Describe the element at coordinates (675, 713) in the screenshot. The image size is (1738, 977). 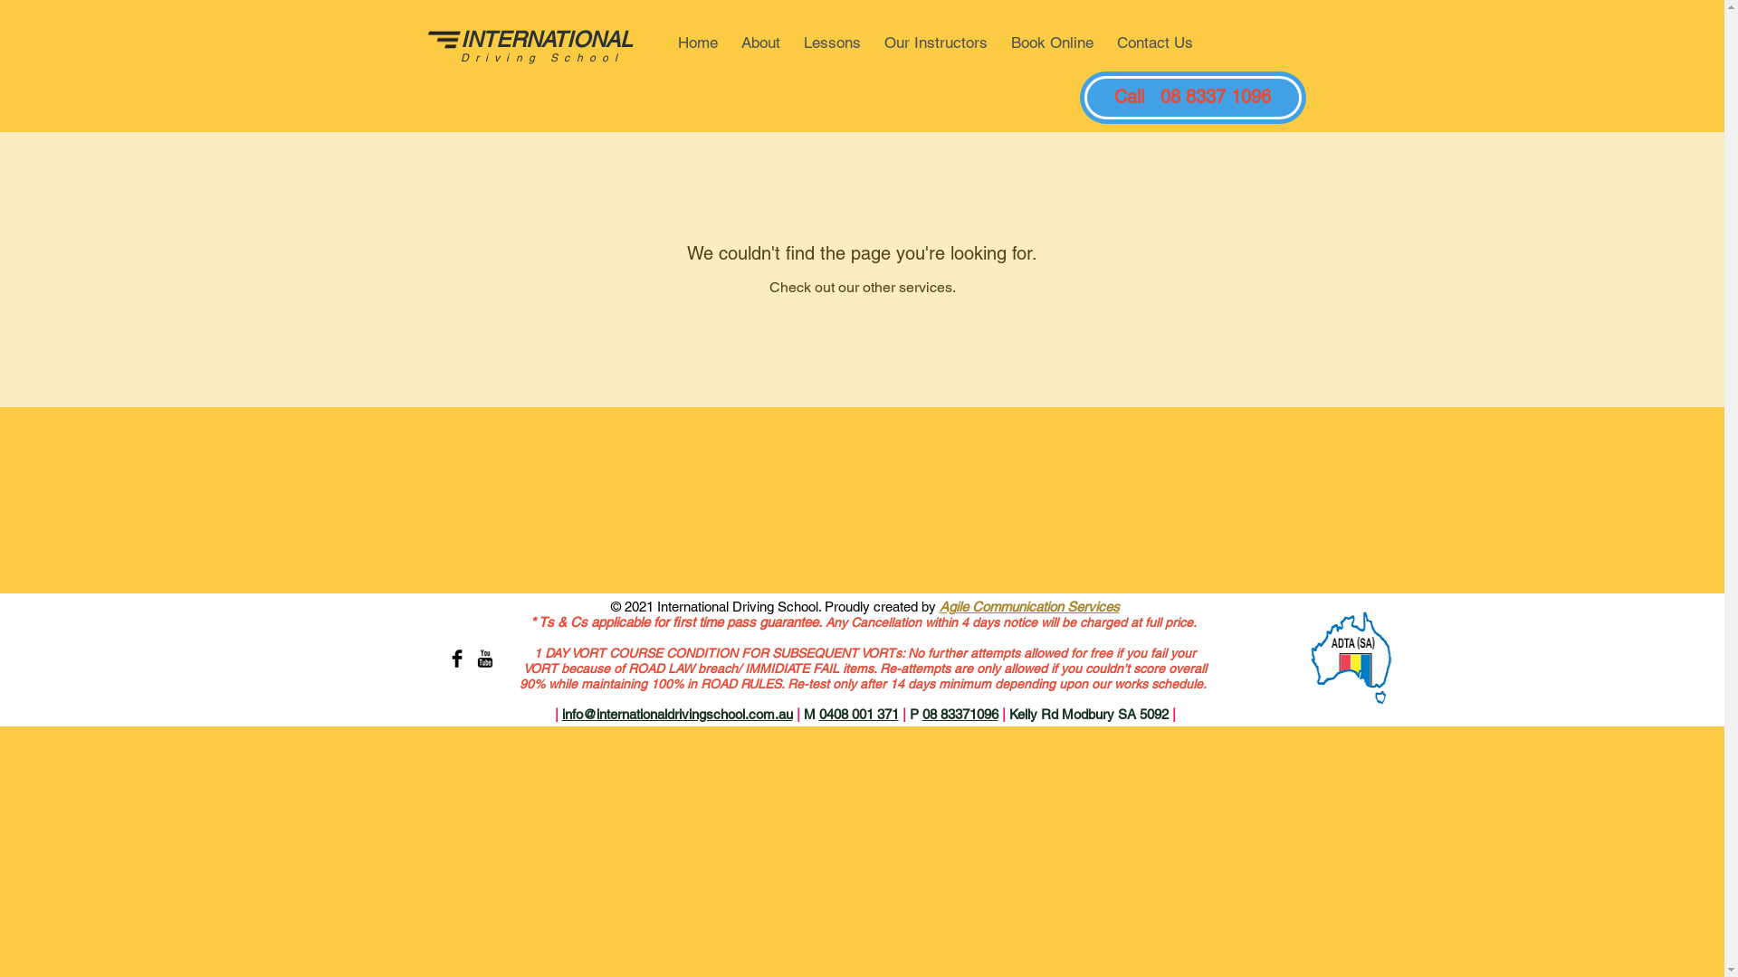
I see `'info@internationaldrivingschool.com.au'` at that location.